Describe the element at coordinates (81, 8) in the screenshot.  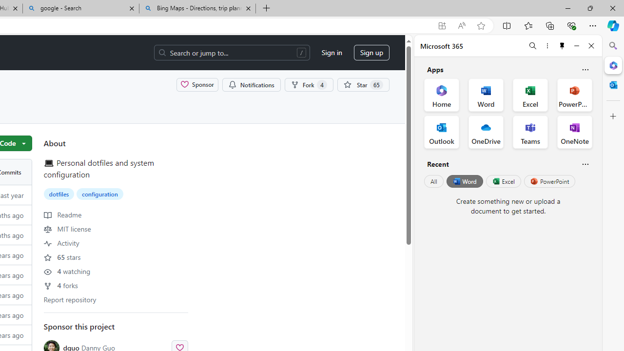
I see `'google - Search'` at that location.